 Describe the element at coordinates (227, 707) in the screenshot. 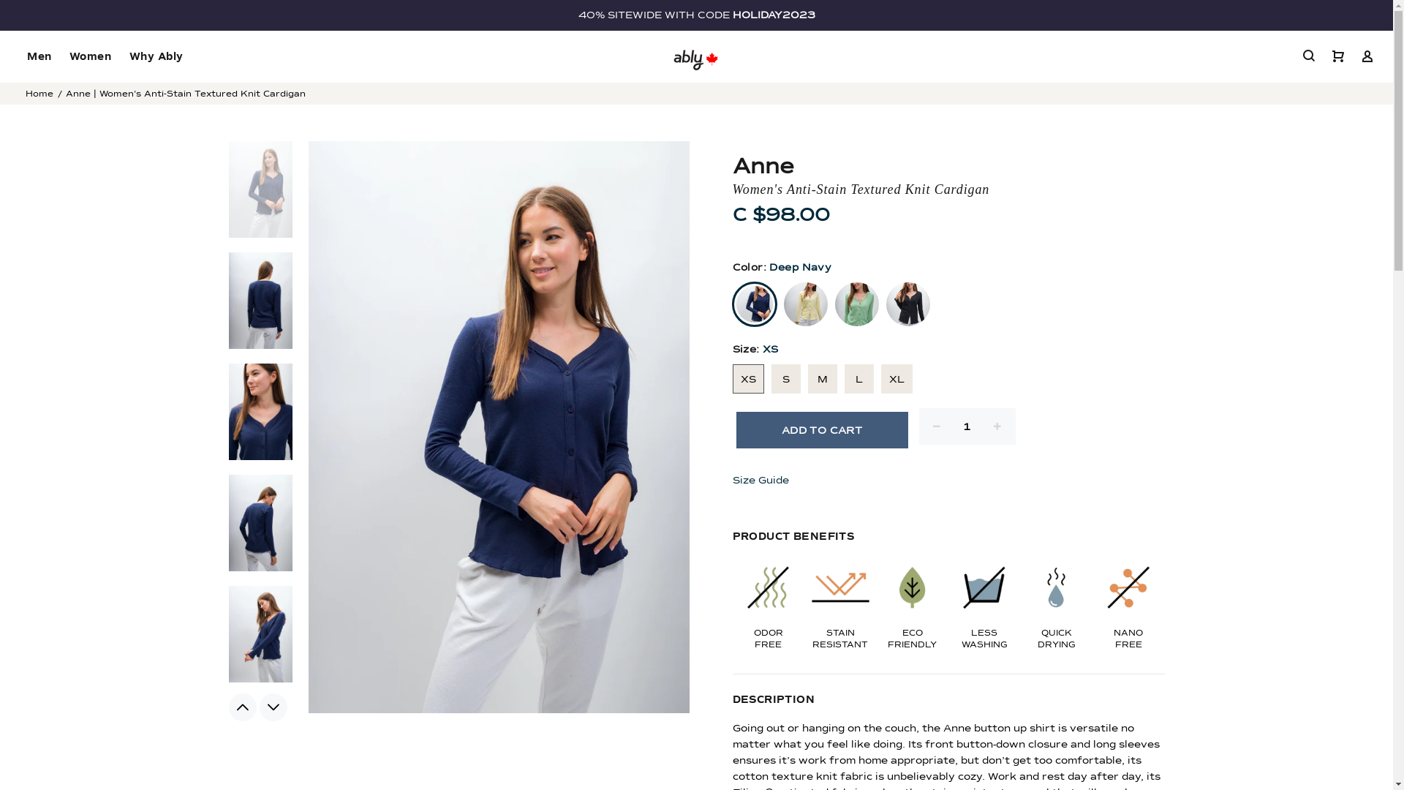

I see `'Previous'` at that location.